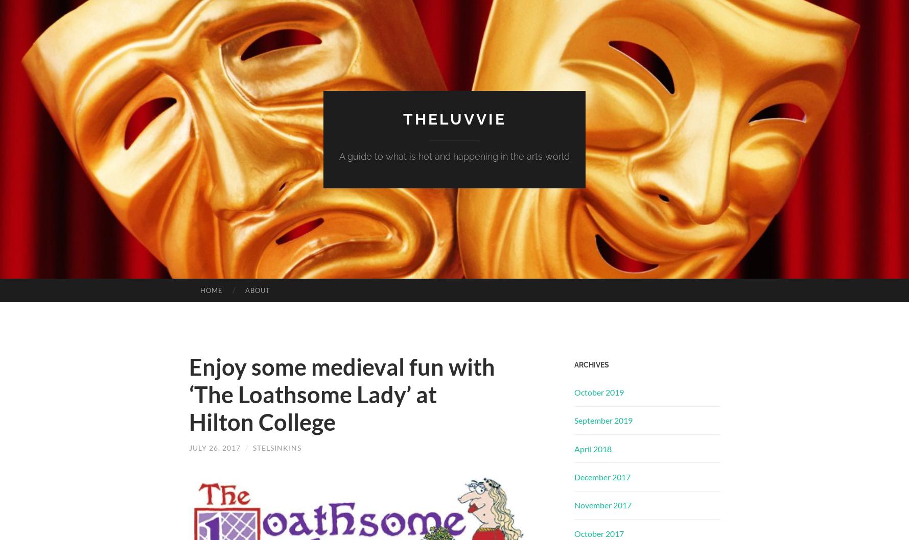  I want to click on '/', so click(245, 447).